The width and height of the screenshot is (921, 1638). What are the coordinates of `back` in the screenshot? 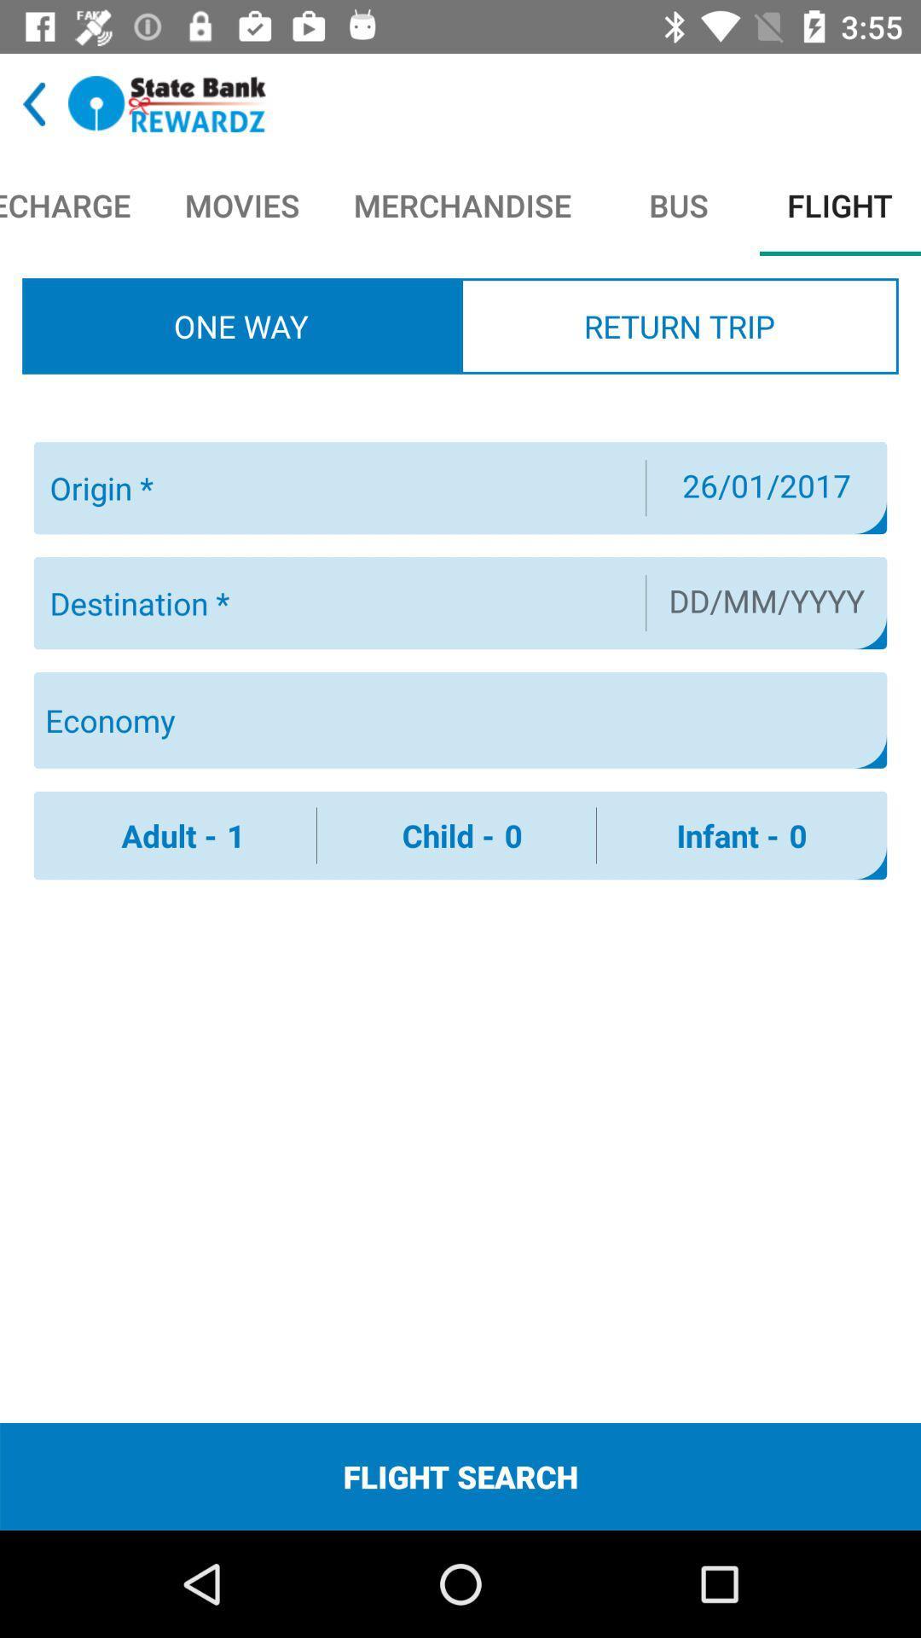 It's located at (34, 103).